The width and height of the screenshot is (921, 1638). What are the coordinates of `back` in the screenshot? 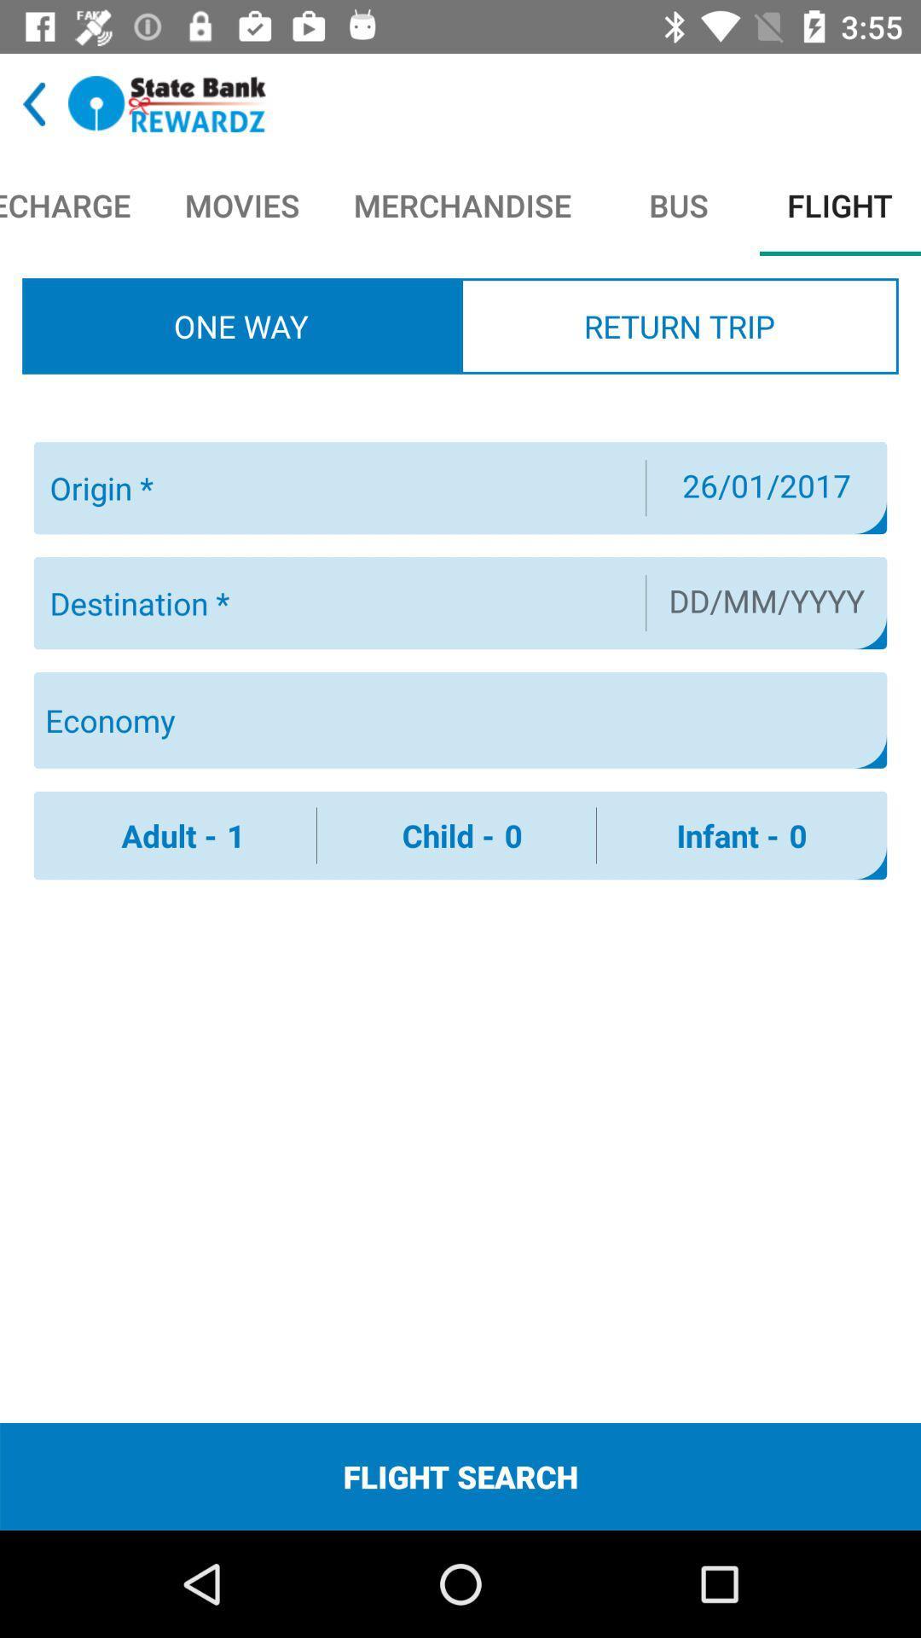 It's located at (34, 103).